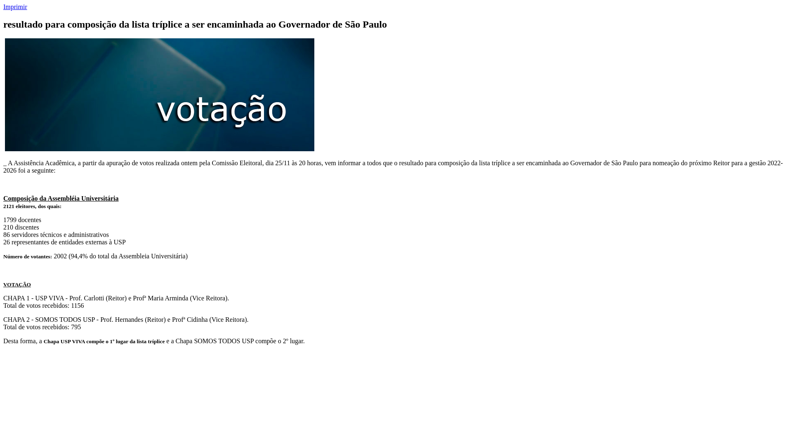  What do you see at coordinates (3, 7) in the screenshot?
I see `'Imprimir'` at bounding box center [3, 7].